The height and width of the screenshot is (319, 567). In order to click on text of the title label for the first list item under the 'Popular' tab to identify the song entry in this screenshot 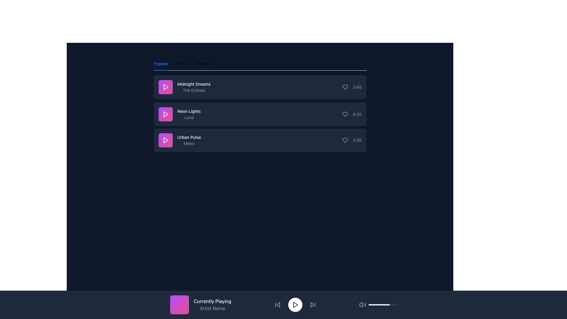, I will do `click(194, 84)`.